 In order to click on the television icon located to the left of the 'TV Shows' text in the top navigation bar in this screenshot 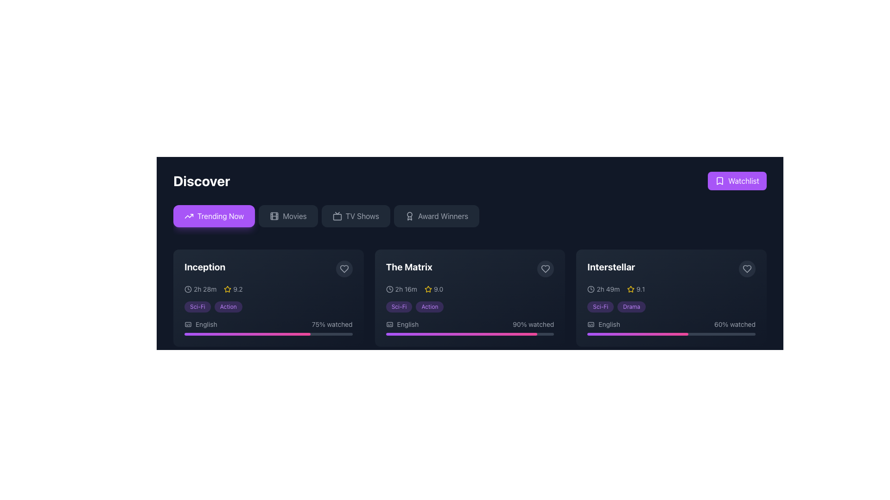, I will do `click(337, 216)`.